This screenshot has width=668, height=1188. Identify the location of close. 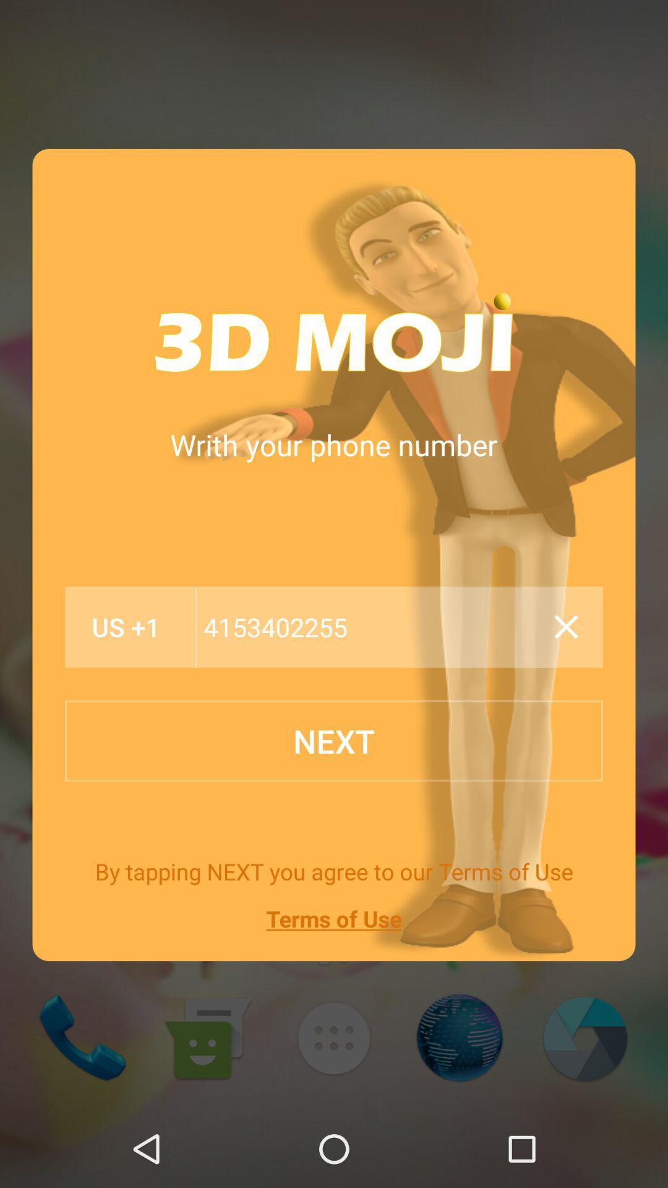
(566, 627).